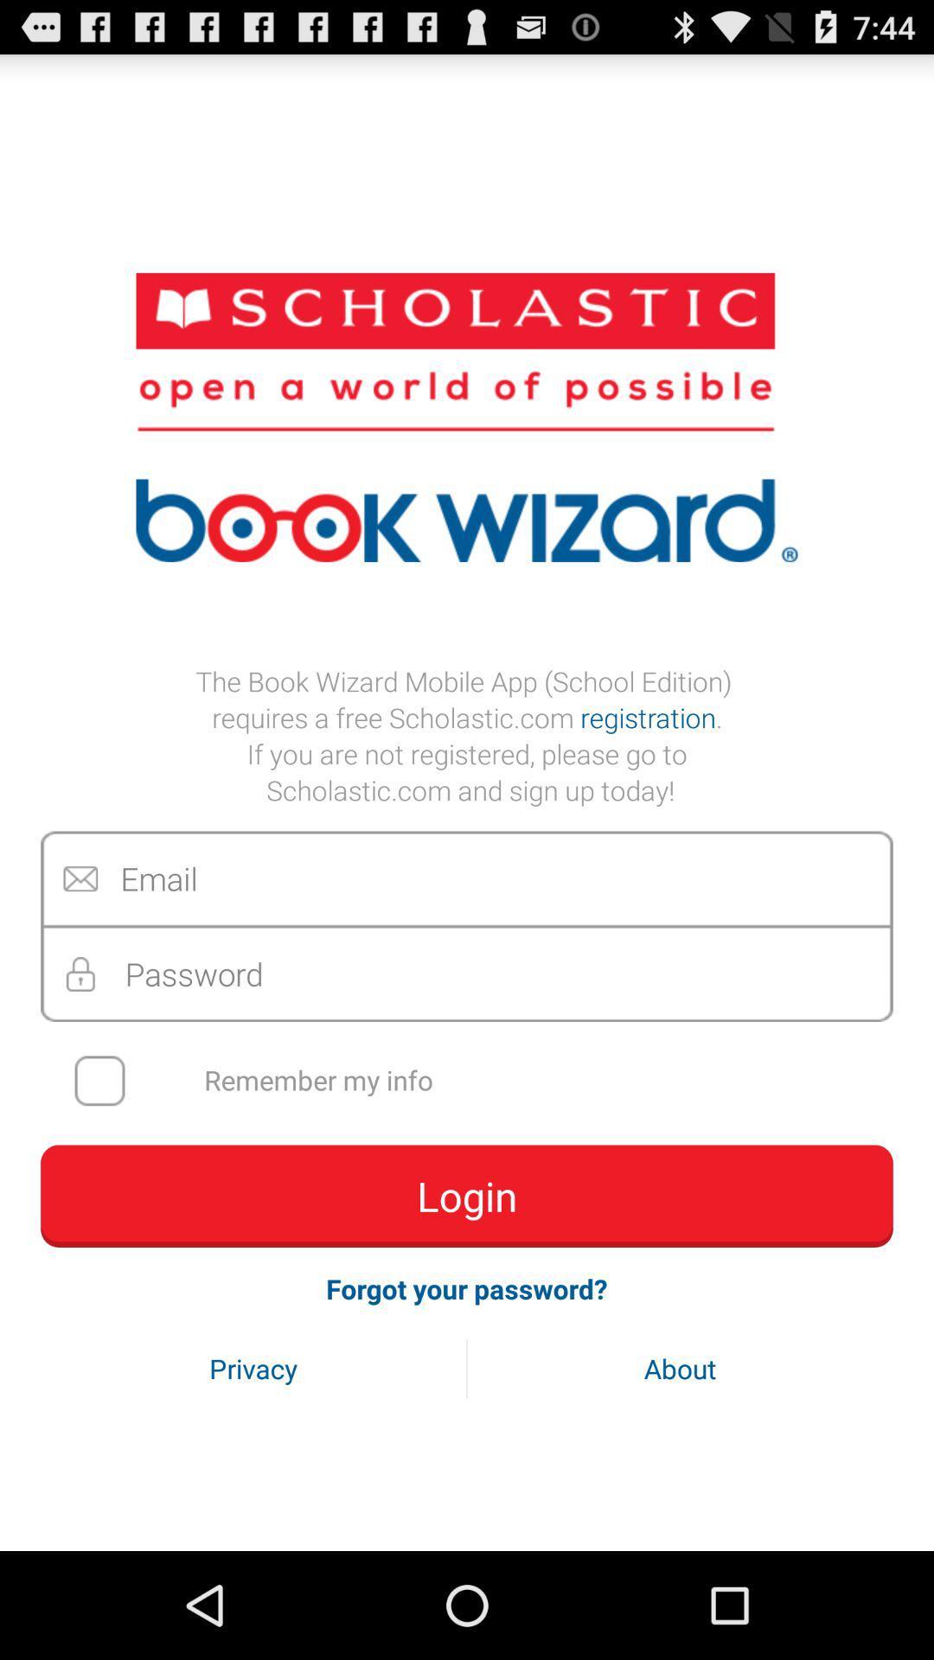 The height and width of the screenshot is (1660, 934). I want to click on login, so click(467, 1195).